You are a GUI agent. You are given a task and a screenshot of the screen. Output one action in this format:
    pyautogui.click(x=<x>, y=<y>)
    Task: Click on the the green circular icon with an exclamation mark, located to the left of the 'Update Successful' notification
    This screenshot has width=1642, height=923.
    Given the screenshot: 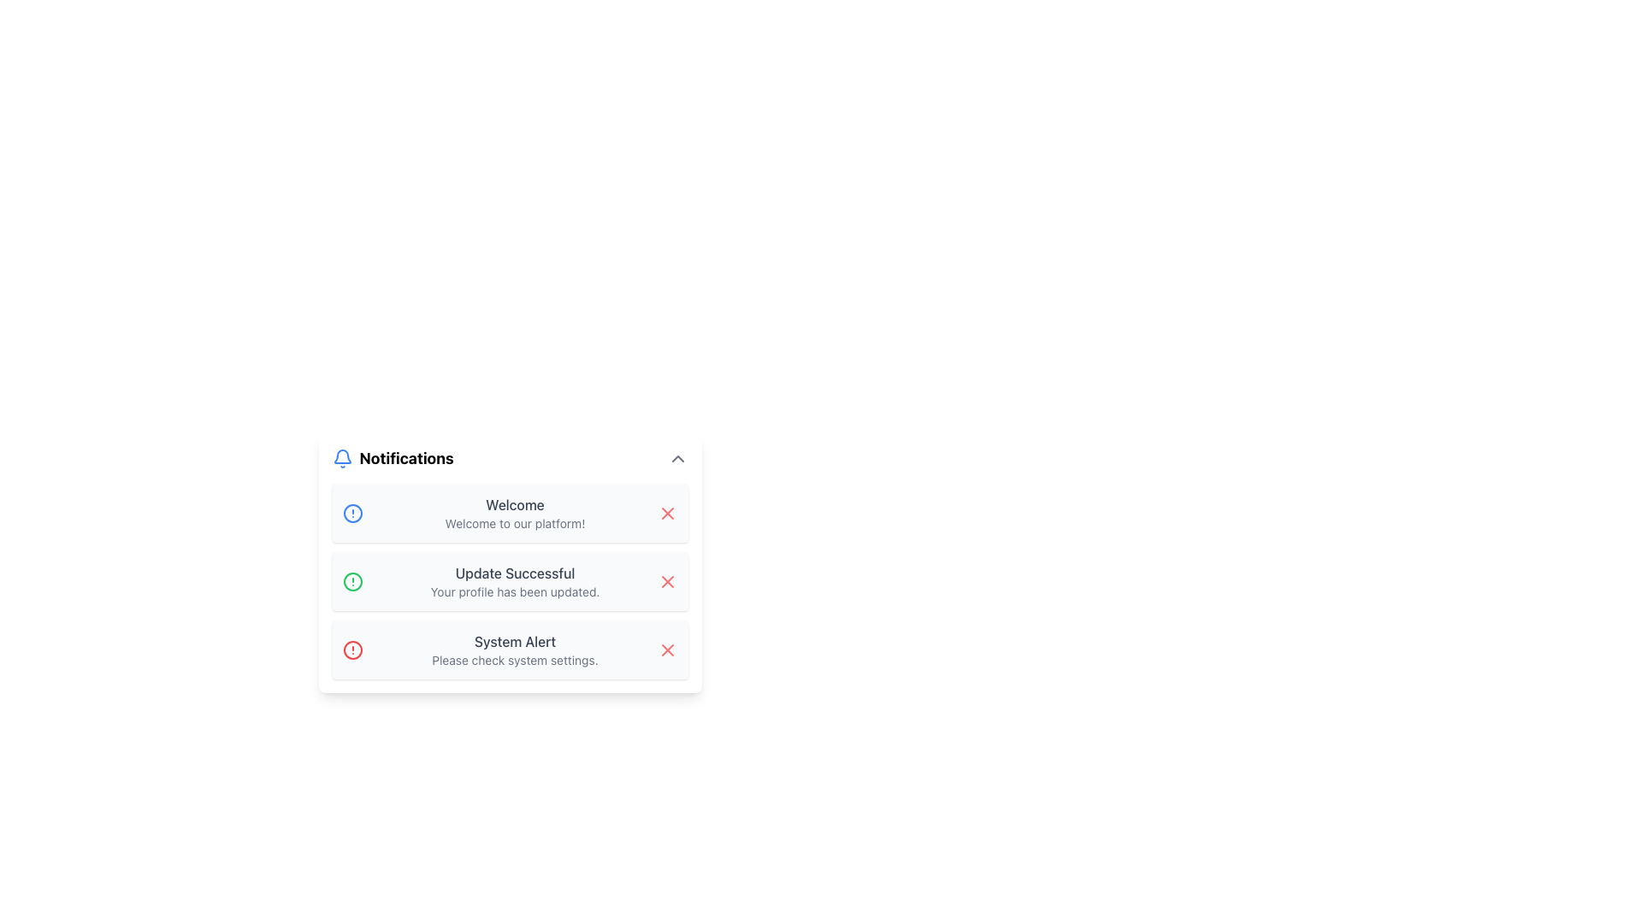 What is the action you would take?
    pyautogui.click(x=351, y=581)
    